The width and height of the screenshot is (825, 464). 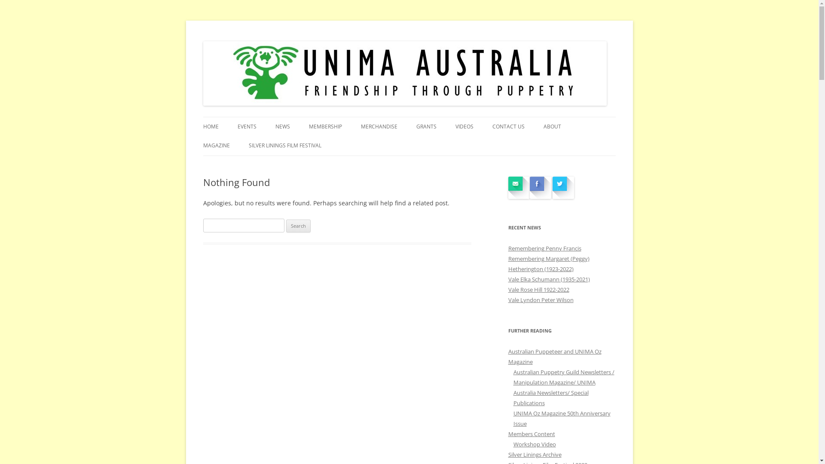 I want to click on 'UNIMA Oz Magazine 50th Anniversary Issue', so click(x=561, y=418).